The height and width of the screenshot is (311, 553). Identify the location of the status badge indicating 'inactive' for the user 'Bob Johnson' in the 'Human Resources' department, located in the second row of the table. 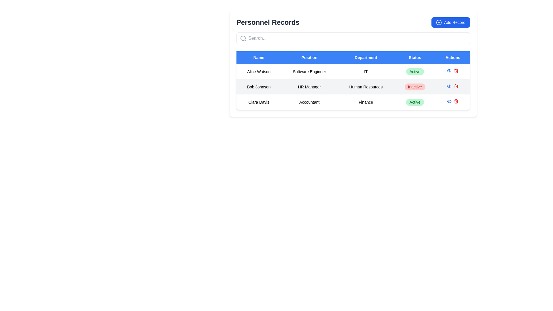
(415, 87).